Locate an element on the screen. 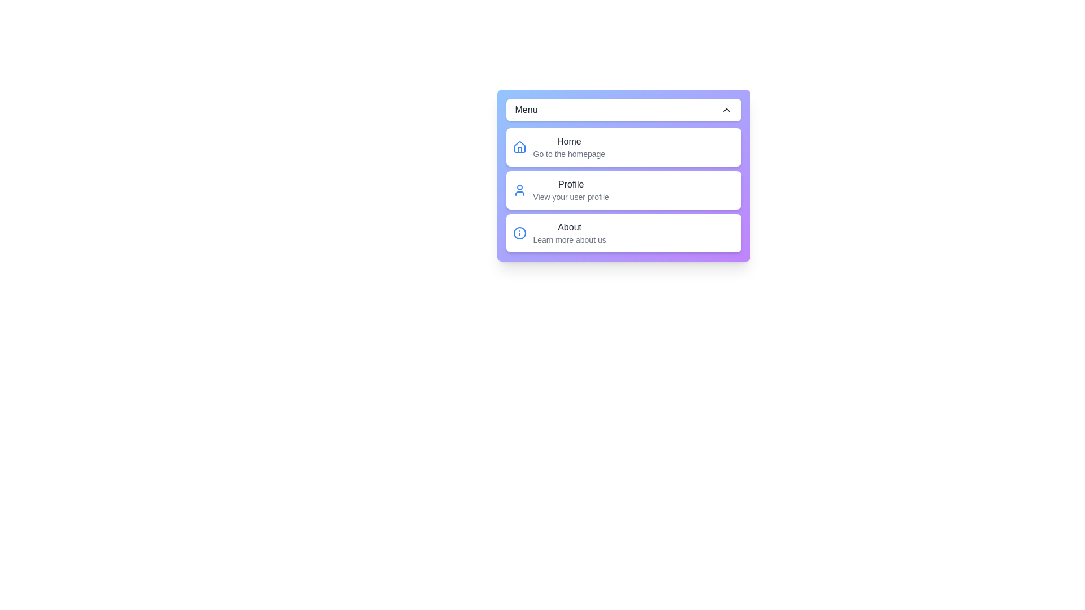 The width and height of the screenshot is (1085, 610). the menu item Home to select it is located at coordinates (623, 147).